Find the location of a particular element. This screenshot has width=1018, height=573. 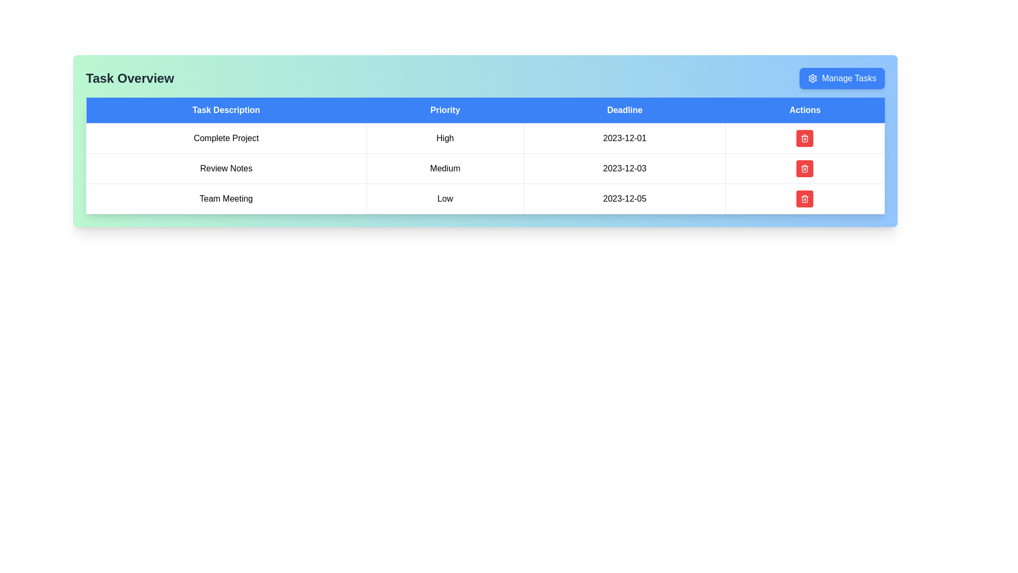

the settings icon, which is a small gear located to the left of the 'Manage Tasks' button at the top-right corner of the page header is located at coordinates (812, 77).